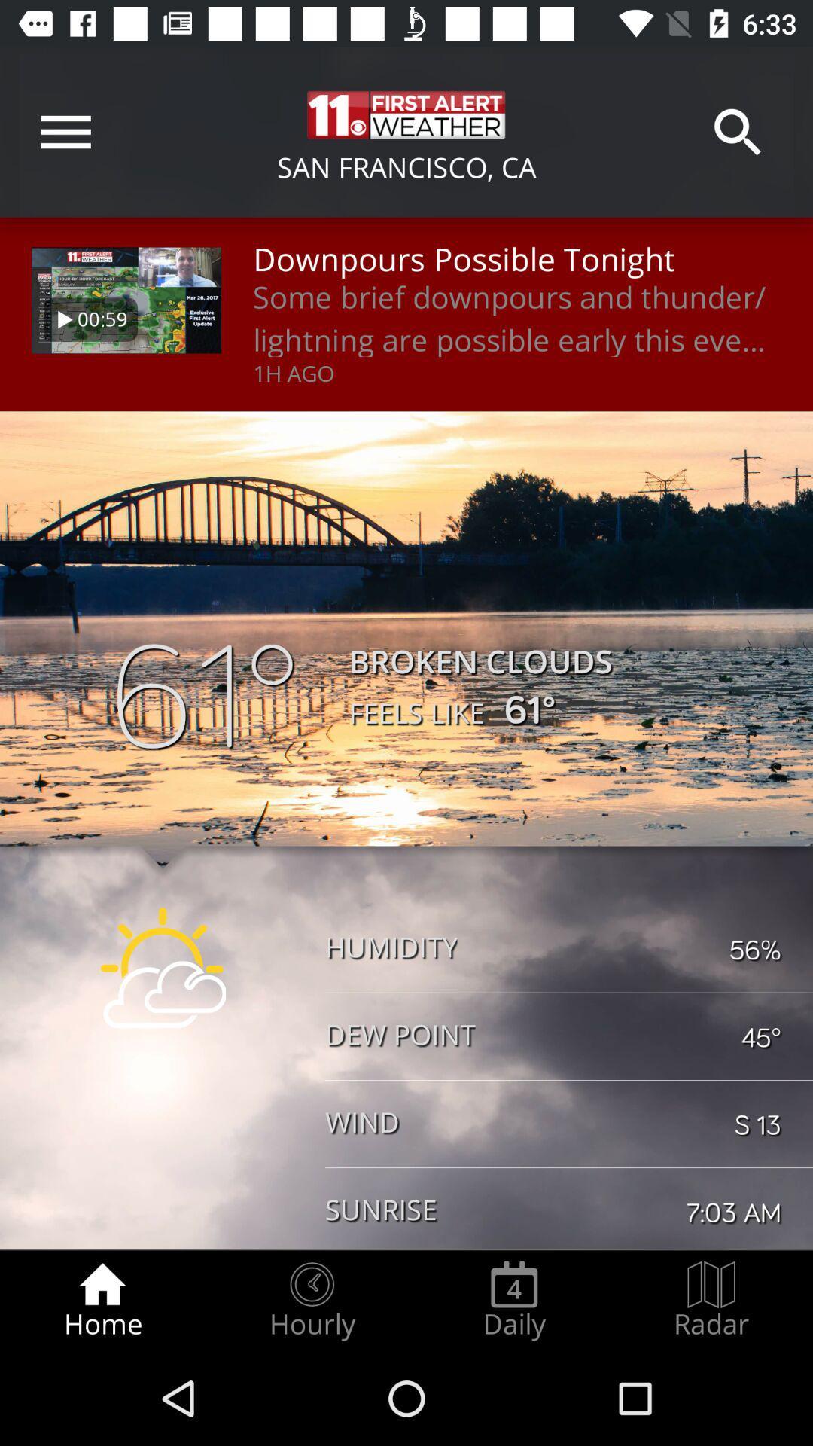 This screenshot has height=1446, width=813. What do you see at coordinates (102, 1300) in the screenshot?
I see `home item` at bounding box center [102, 1300].